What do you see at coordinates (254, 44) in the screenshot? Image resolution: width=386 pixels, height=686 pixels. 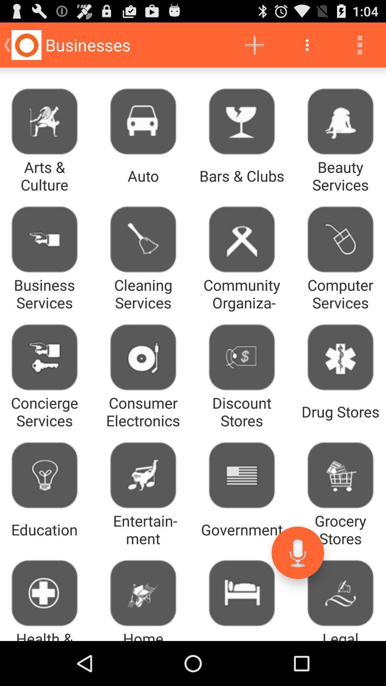 I see `the app to the right of the businesses icon` at bounding box center [254, 44].